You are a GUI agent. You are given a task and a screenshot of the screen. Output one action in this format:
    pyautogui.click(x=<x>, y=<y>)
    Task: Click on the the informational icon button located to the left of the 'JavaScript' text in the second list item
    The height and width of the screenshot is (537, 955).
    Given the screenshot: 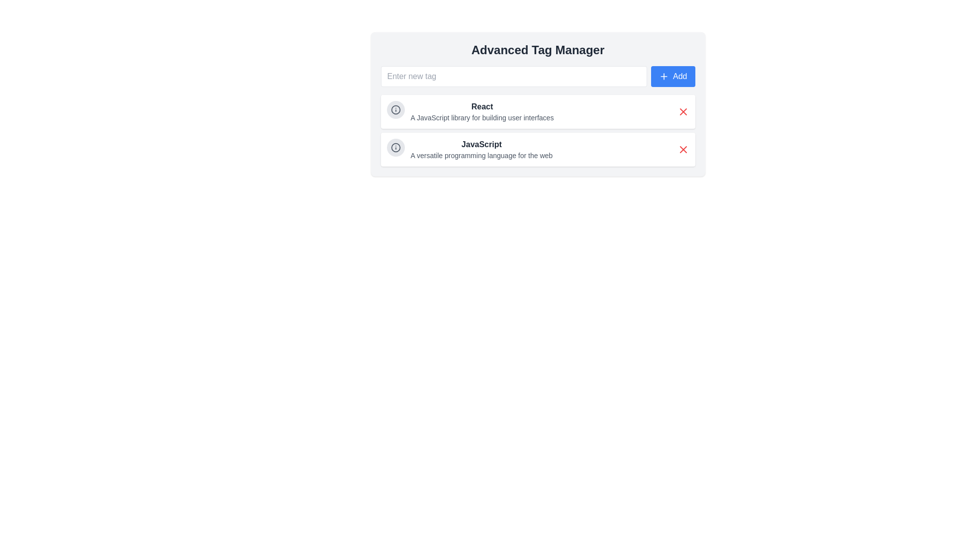 What is the action you would take?
    pyautogui.click(x=395, y=148)
    